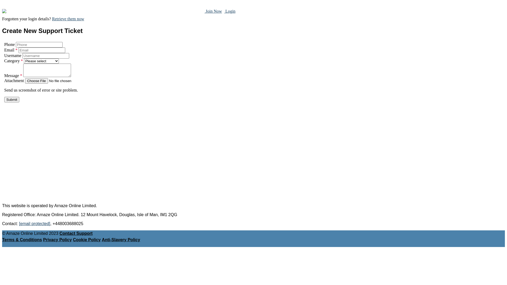 This screenshot has width=507, height=285. I want to click on 'Privacy Policy', so click(57, 240).